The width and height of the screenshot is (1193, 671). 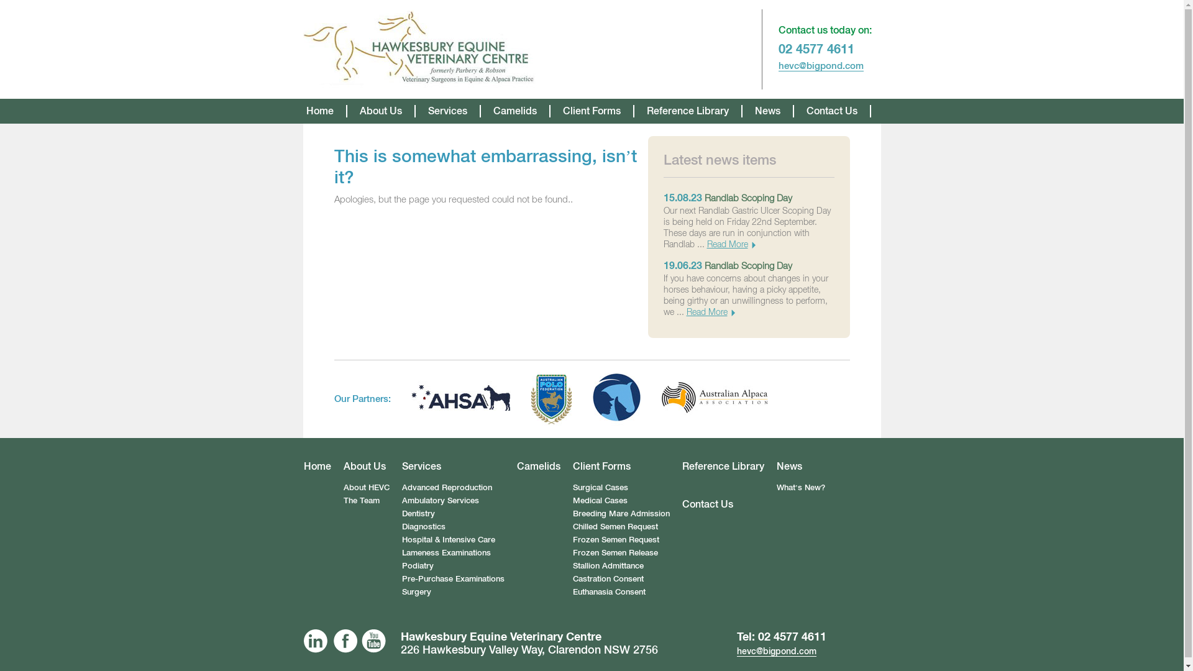 What do you see at coordinates (418, 565) in the screenshot?
I see `'Podiatry'` at bounding box center [418, 565].